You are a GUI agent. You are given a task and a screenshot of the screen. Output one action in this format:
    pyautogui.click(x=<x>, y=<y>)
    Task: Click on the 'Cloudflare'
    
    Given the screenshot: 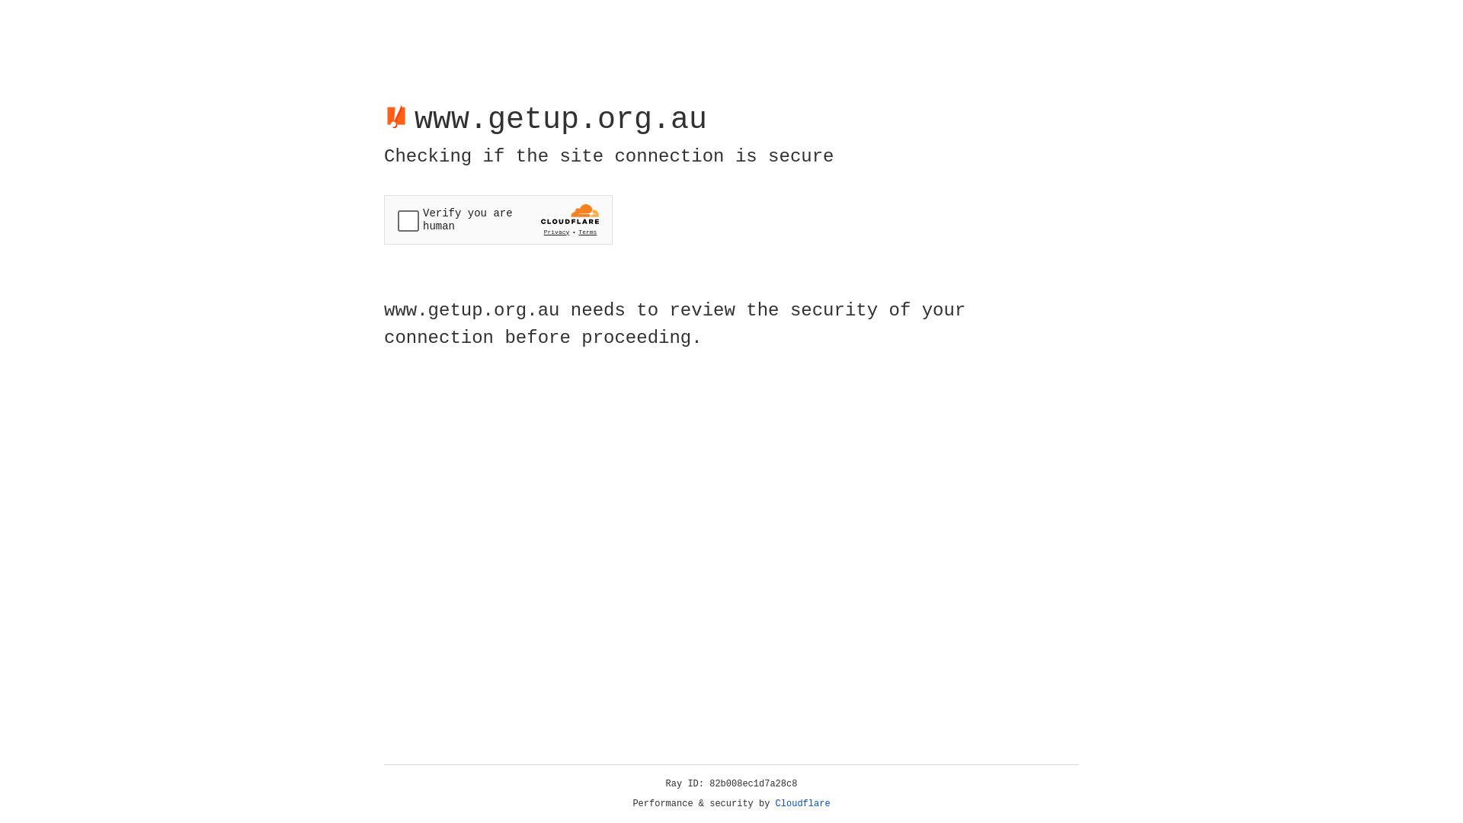 What is the action you would take?
    pyautogui.click(x=802, y=803)
    